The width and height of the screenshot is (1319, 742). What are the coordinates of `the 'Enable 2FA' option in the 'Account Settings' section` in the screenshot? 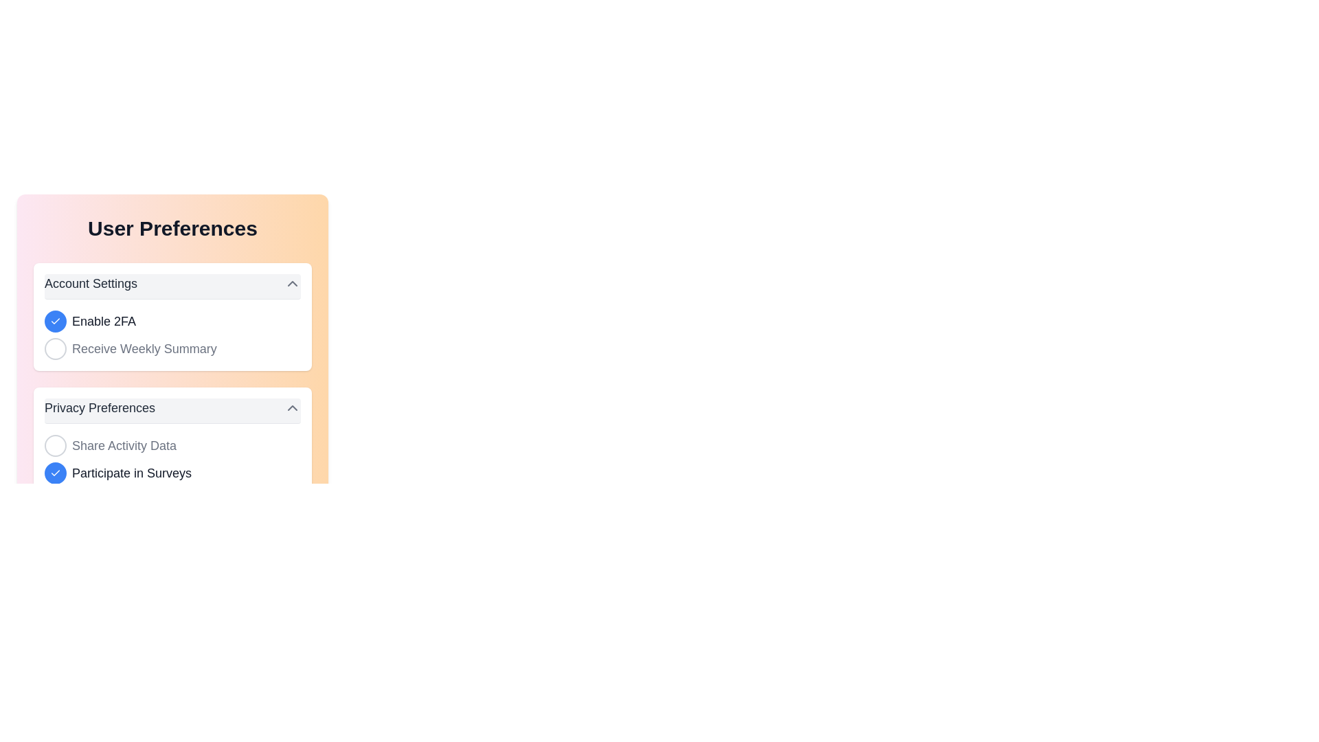 It's located at (172, 335).